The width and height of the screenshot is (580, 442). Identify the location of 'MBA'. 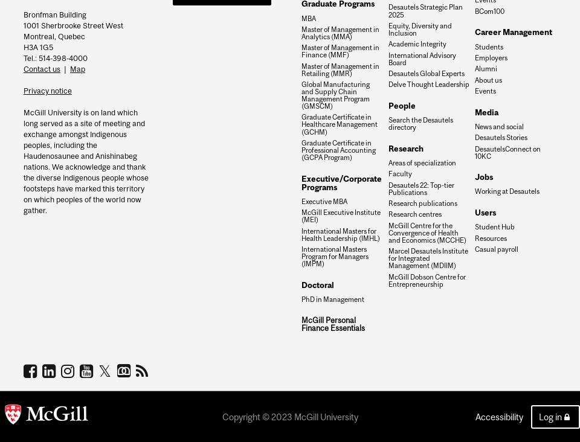
(307, 17).